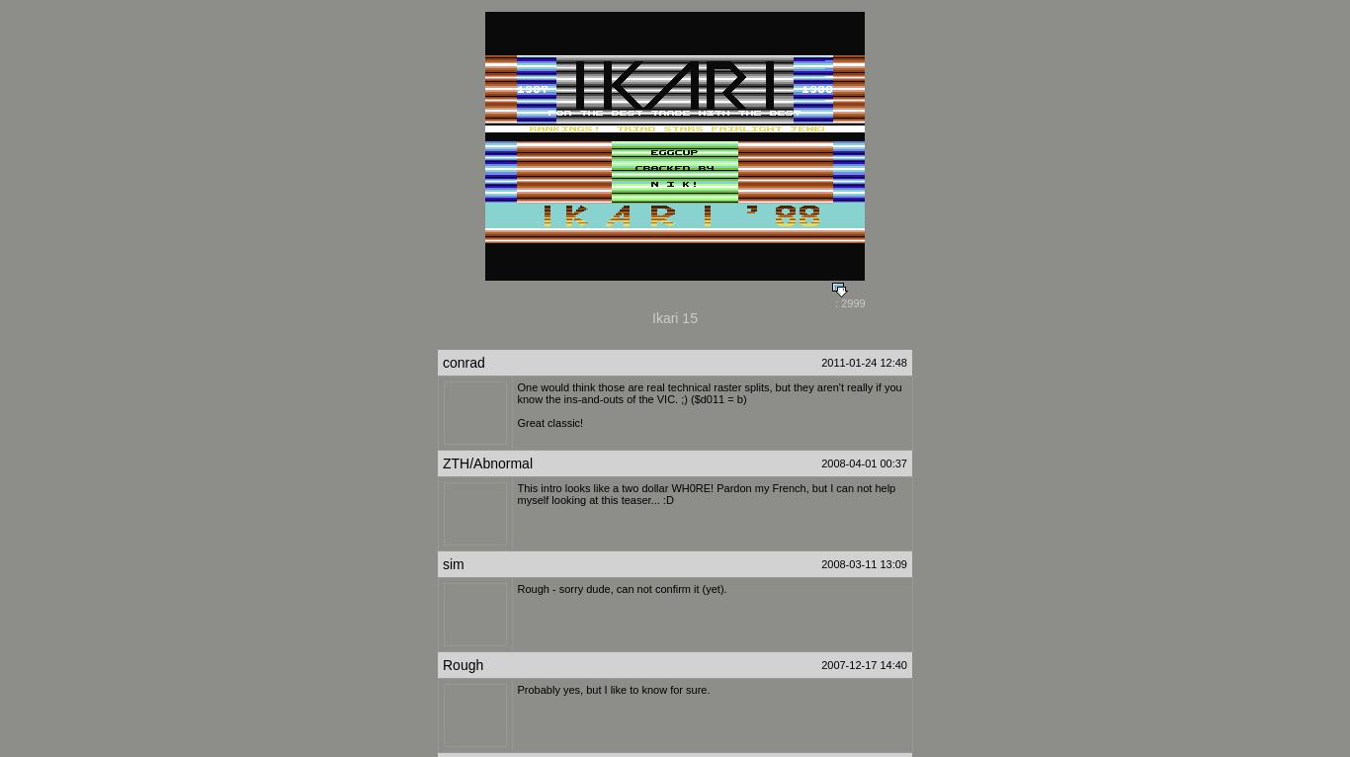 The height and width of the screenshot is (757, 1350). What do you see at coordinates (549, 422) in the screenshot?
I see `'Great classic!'` at bounding box center [549, 422].